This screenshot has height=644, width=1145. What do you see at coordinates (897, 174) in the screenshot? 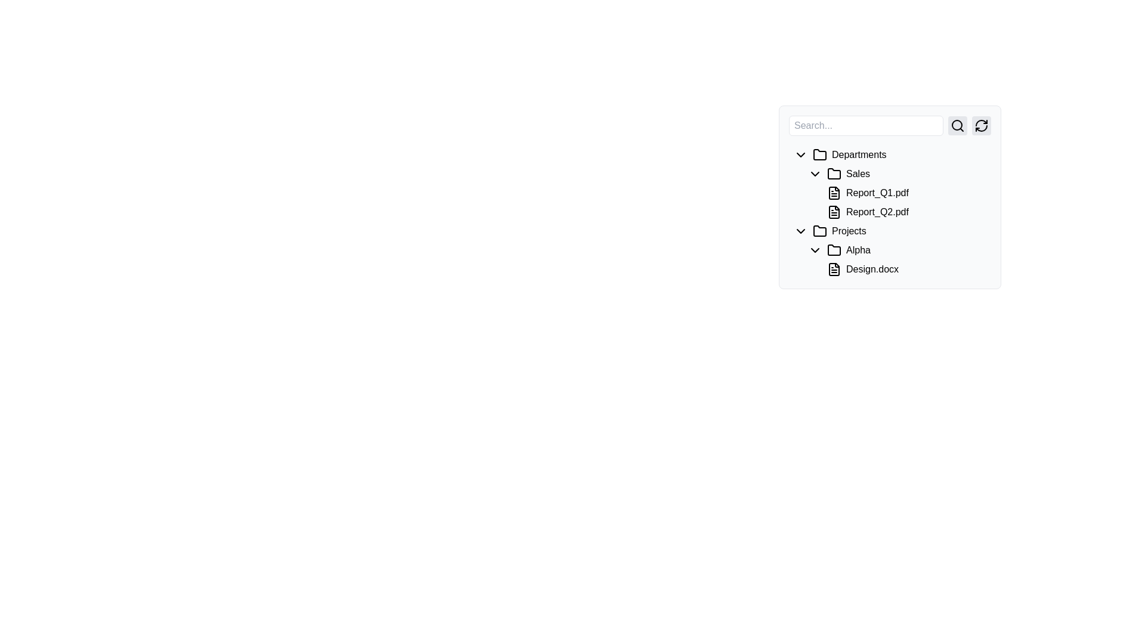
I see `the folder item labeled as the second item under the 'Departments' folder in the hierarchical navigation tree` at bounding box center [897, 174].